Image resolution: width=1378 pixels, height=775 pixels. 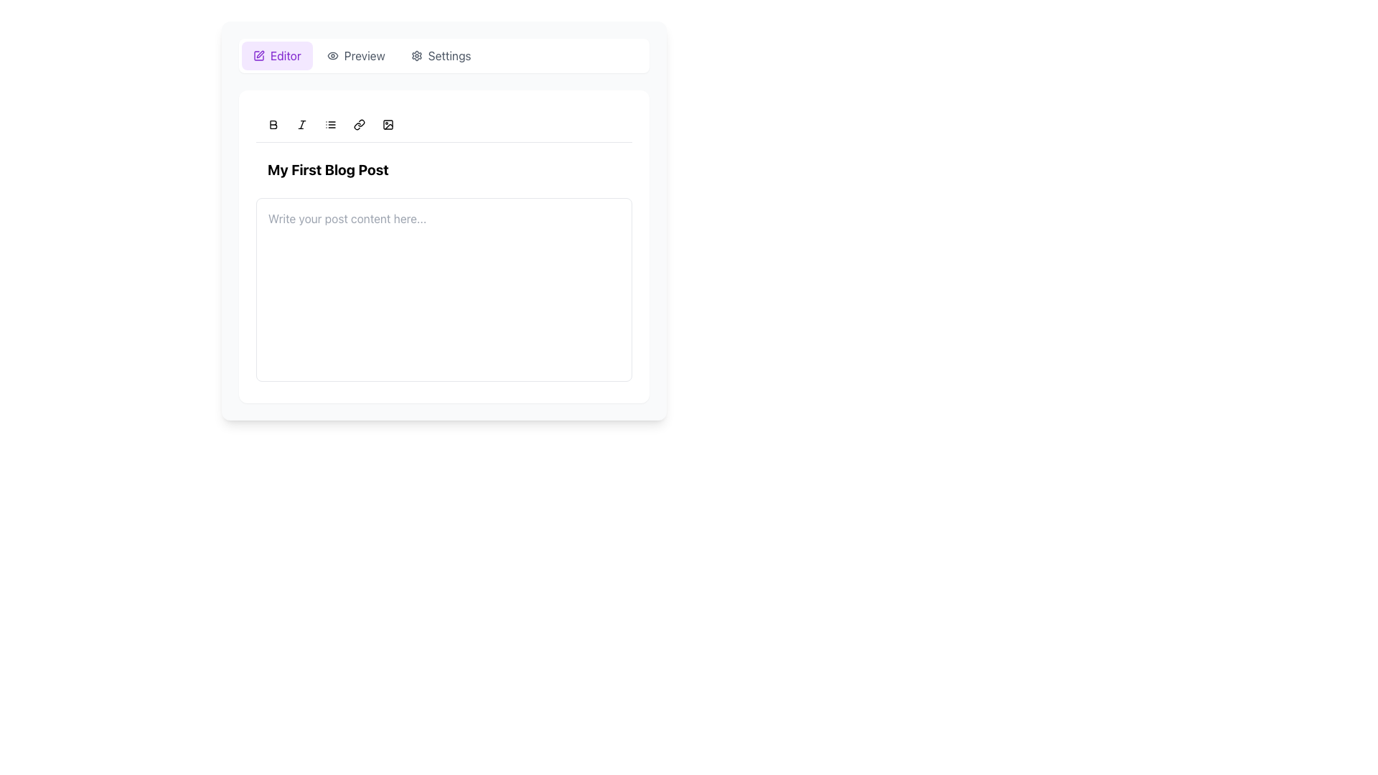 What do you see at coordinates (444, 55) in the screenshot?
I see `the 'Editor', 'Preview', or 'Settings' section of the segmented control bar` at bounding box center [444, 55].